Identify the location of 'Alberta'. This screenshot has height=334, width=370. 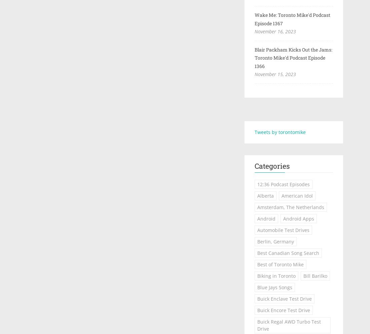
(257, 195).